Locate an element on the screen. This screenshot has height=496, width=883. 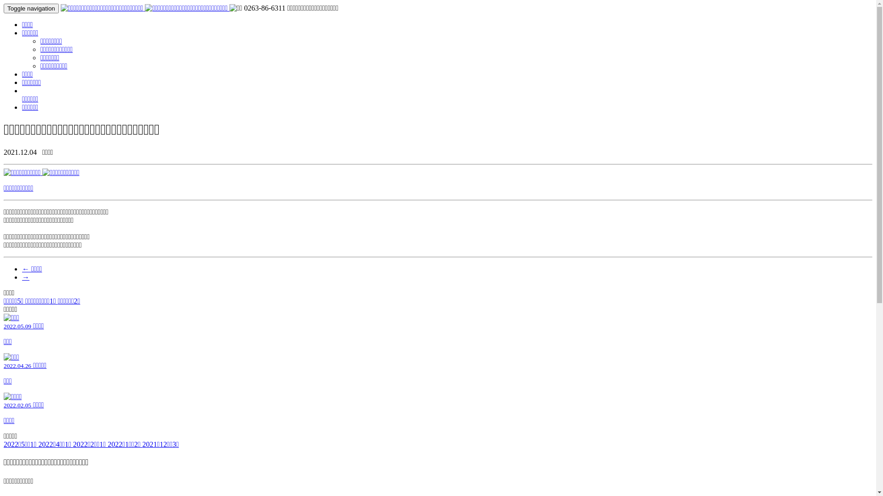
'Toggle navigation' is located at coordinates (31, 8).